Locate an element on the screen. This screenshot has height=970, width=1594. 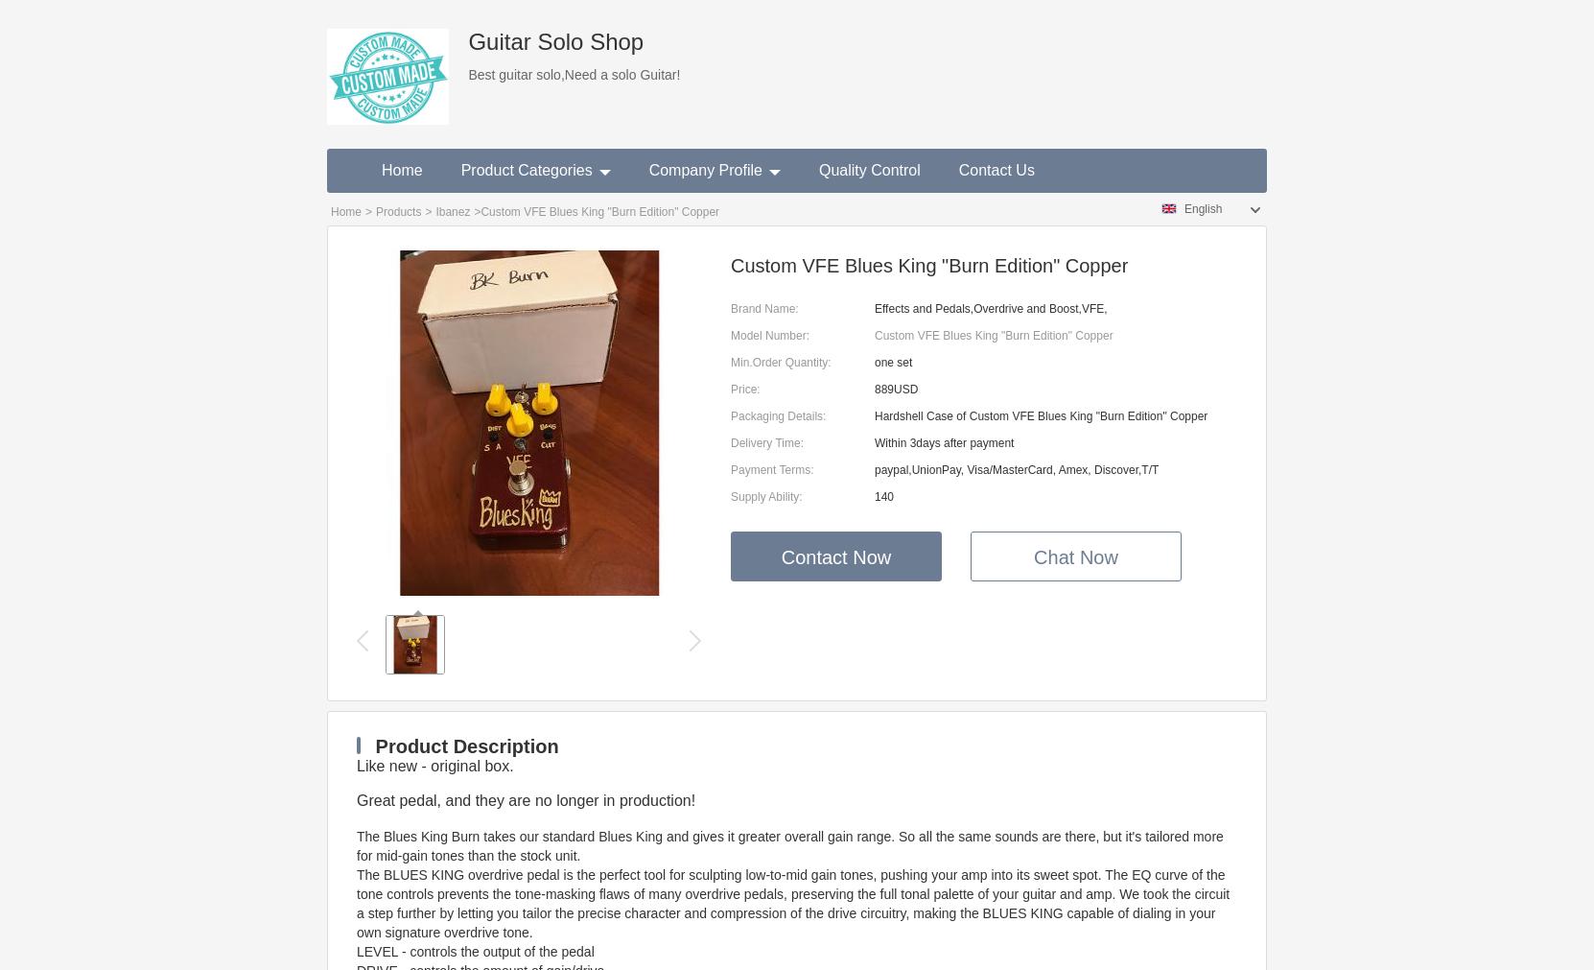
'Price:' is located at coordinates (744, 389).